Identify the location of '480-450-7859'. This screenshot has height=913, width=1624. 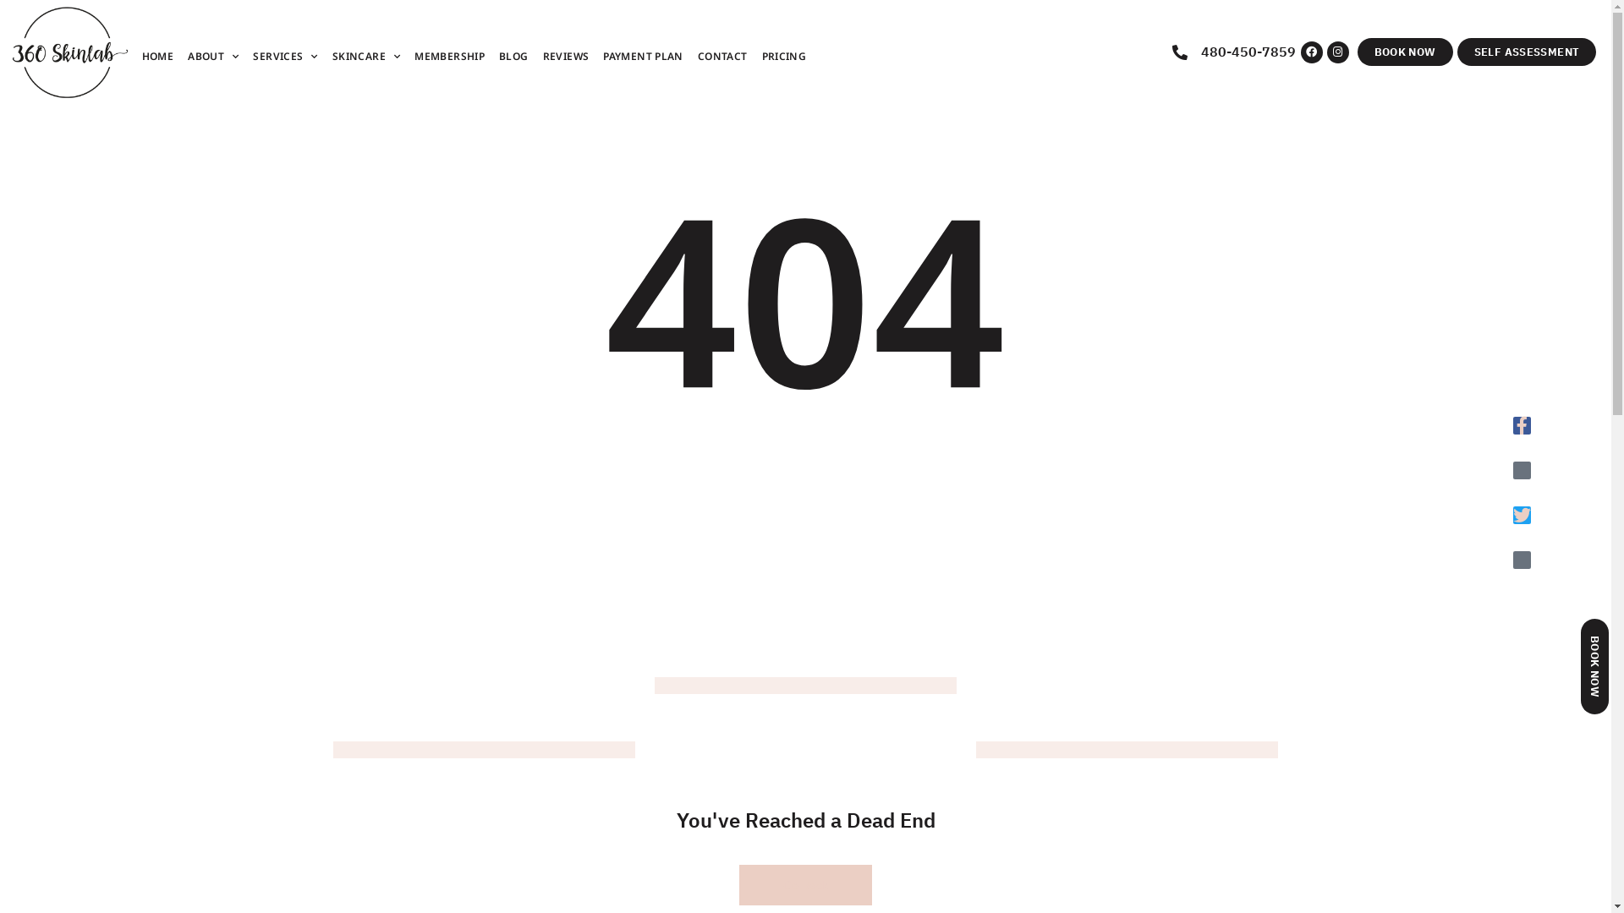
(1237, 51).